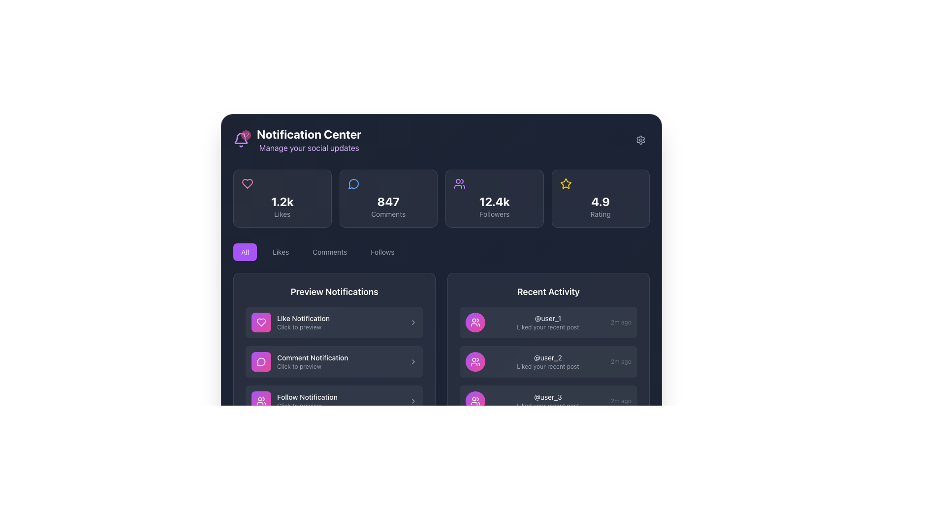 The width and height of the screenshot is (945, 531). I want to click on the 'Like Notification' icon button located in the 'Preview Notifications' section, which visually represents a like notification, so click(261, 322).